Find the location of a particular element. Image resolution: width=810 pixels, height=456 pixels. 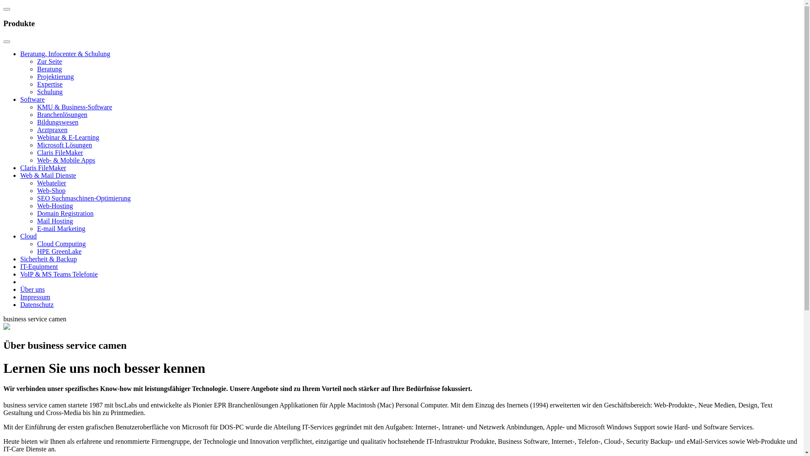

'Cloud Computing' is located at coordinates (61, 244).